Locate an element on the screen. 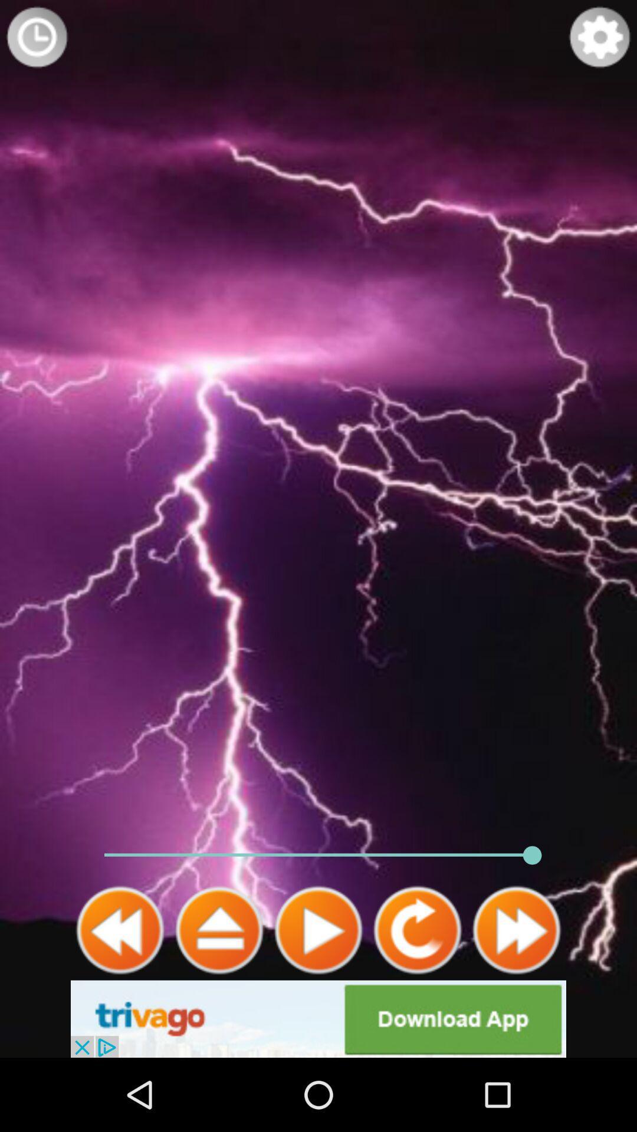 The width and height of the screenshot is (637, 1132). the time icon is located at coordinates (36, 40).